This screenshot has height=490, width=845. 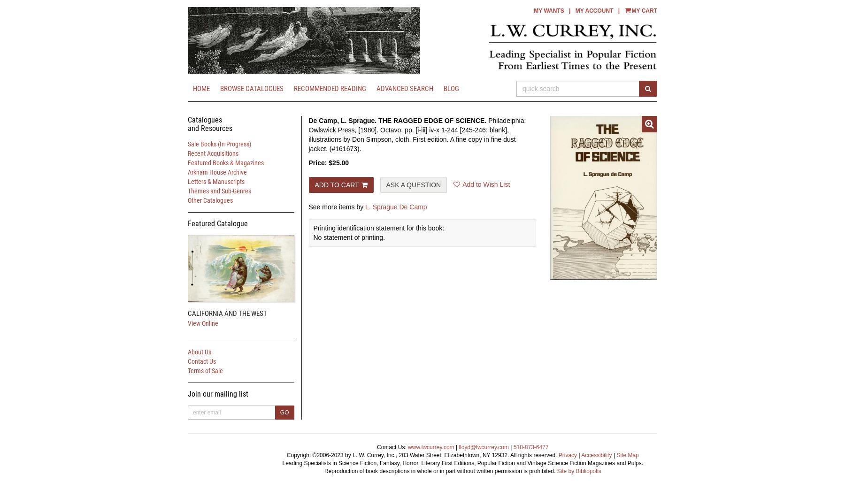 What do you see at coordinates (413, 184) in the screenshot?
I see `'Ask a Question'` at bounding box center [413, 184].